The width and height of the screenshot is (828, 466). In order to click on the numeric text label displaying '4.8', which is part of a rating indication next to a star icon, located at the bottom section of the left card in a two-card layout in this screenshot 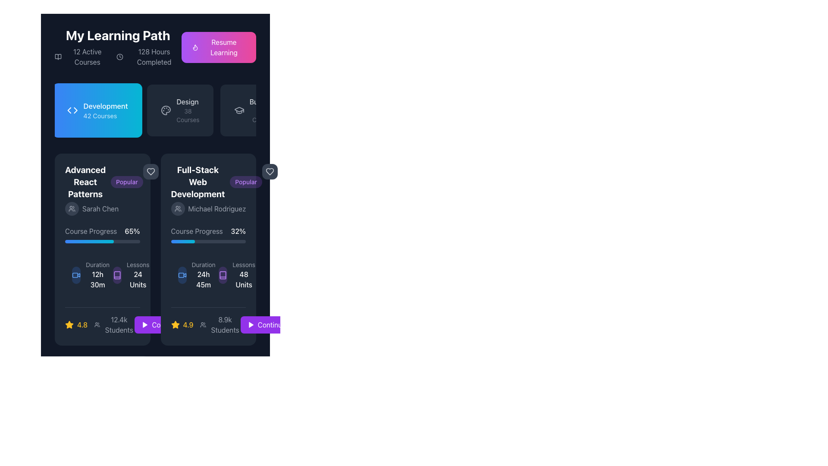, I will do `click(82, 324)`.